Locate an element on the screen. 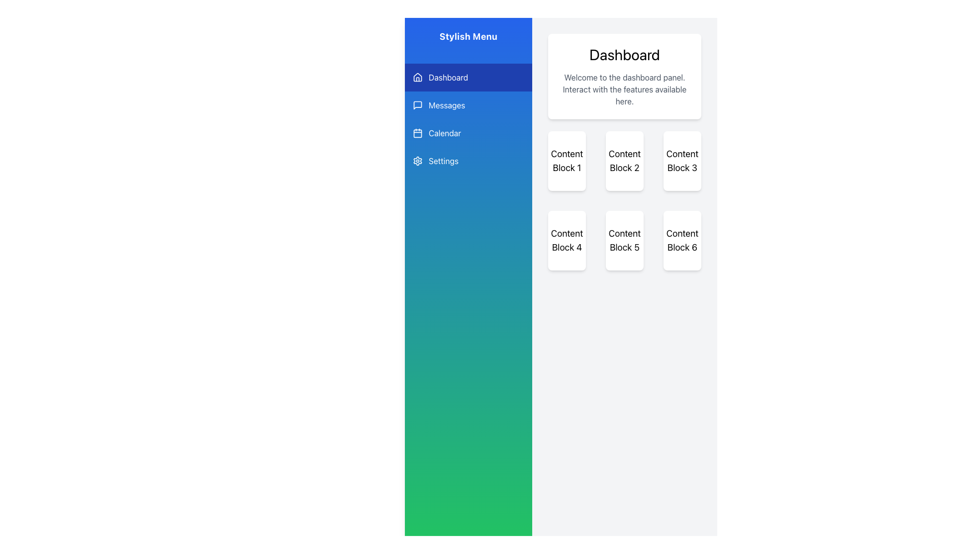 The width and height of the screenshot is (955, 537). the informational card titled 'Dashboard' which has a white background, rounded corners, and a drop shadow effect, located at the upper section of the right panel is located at coordinates (624, 76).